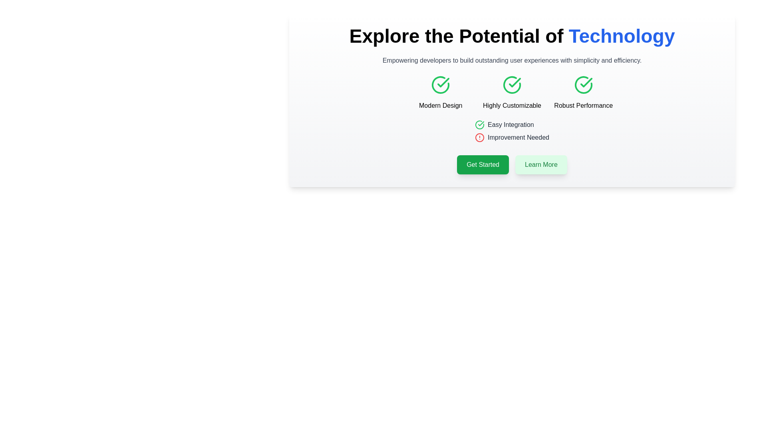 The image size is (767, 431). What do you see at coordinates (512, 92) in the screenshot?
I see `the Grid with icon and text columns element, which highlights 'Modern Design', 'Highly Customizable', and 'Robust Performance'` at bounding box center [512, 92].